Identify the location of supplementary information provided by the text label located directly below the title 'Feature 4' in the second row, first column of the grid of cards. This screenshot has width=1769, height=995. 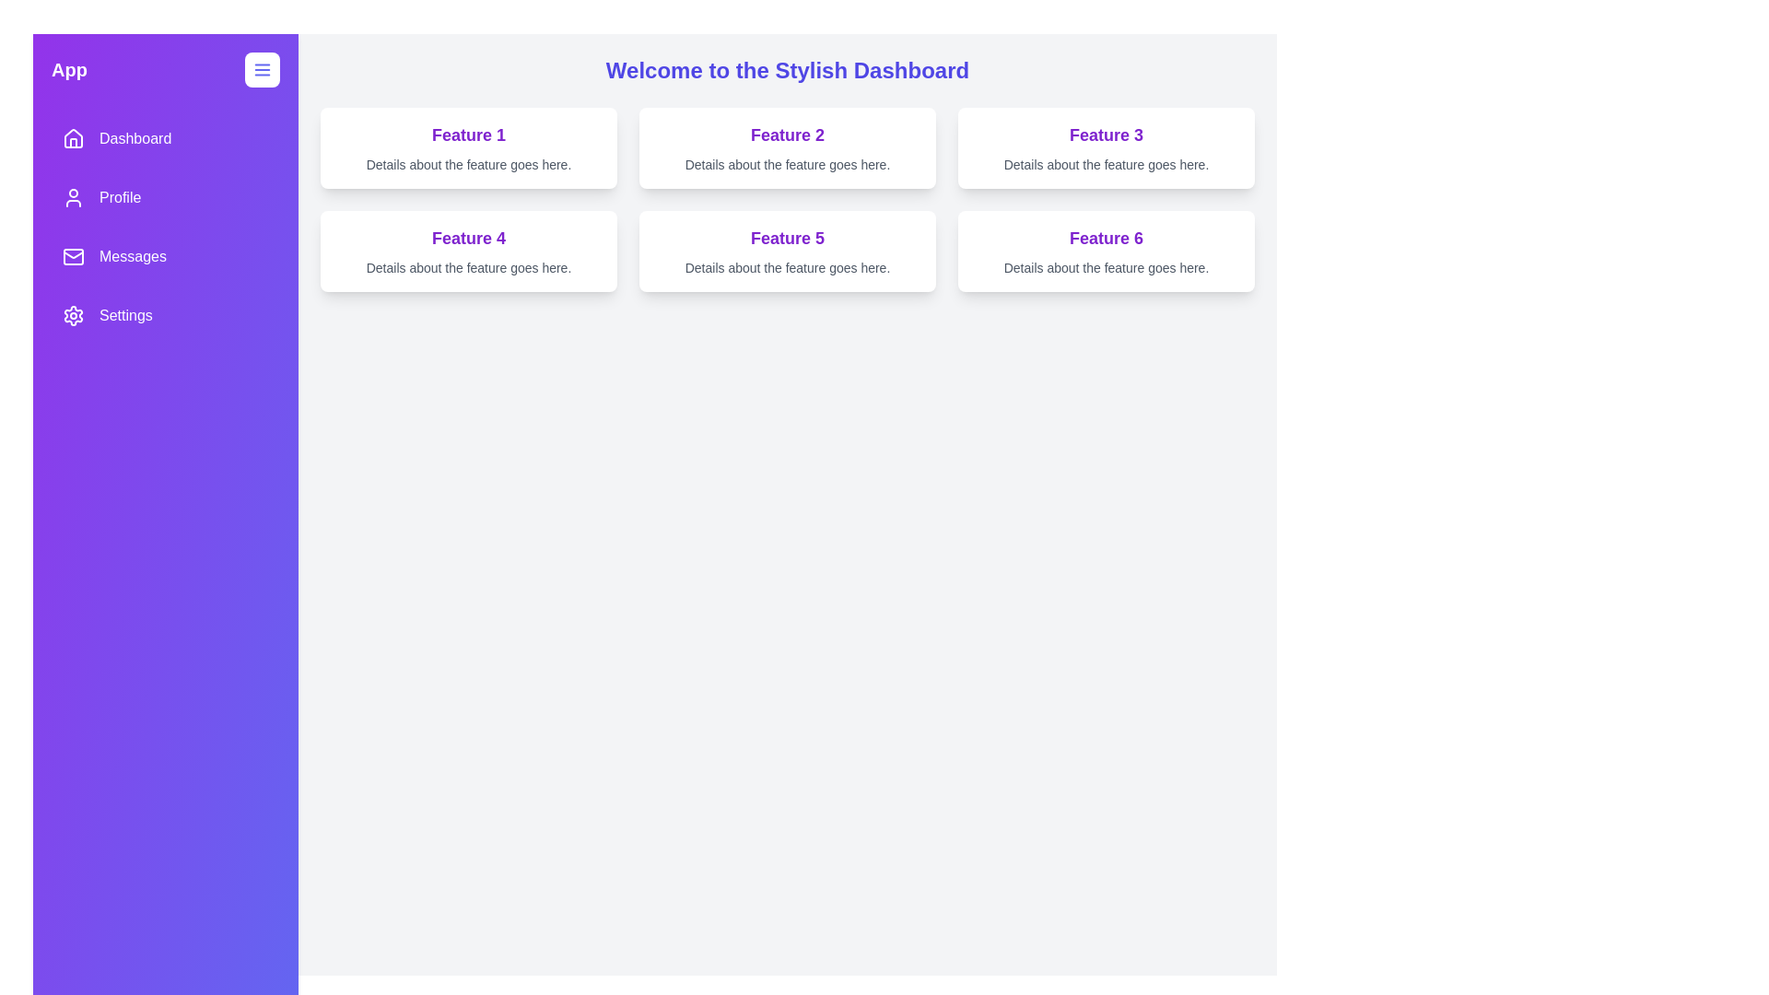
(468, 267).